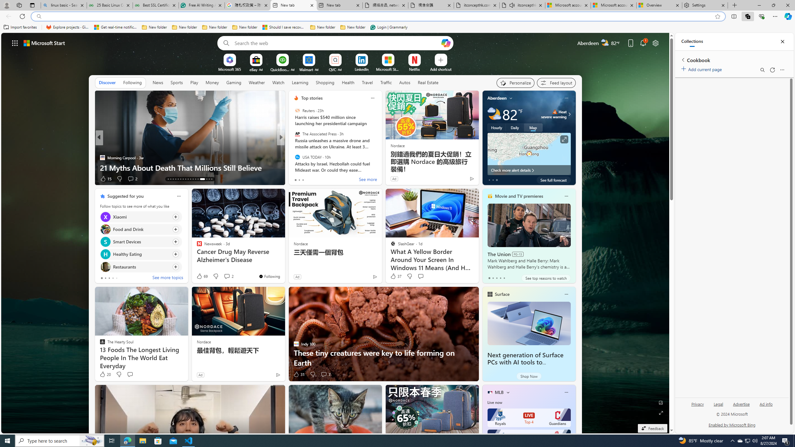 Image resolution: width=795 pixels, height=447 pixels. Describe the element at coordinates (511, 98) in the screenshot. I see `'My location'` at that location.